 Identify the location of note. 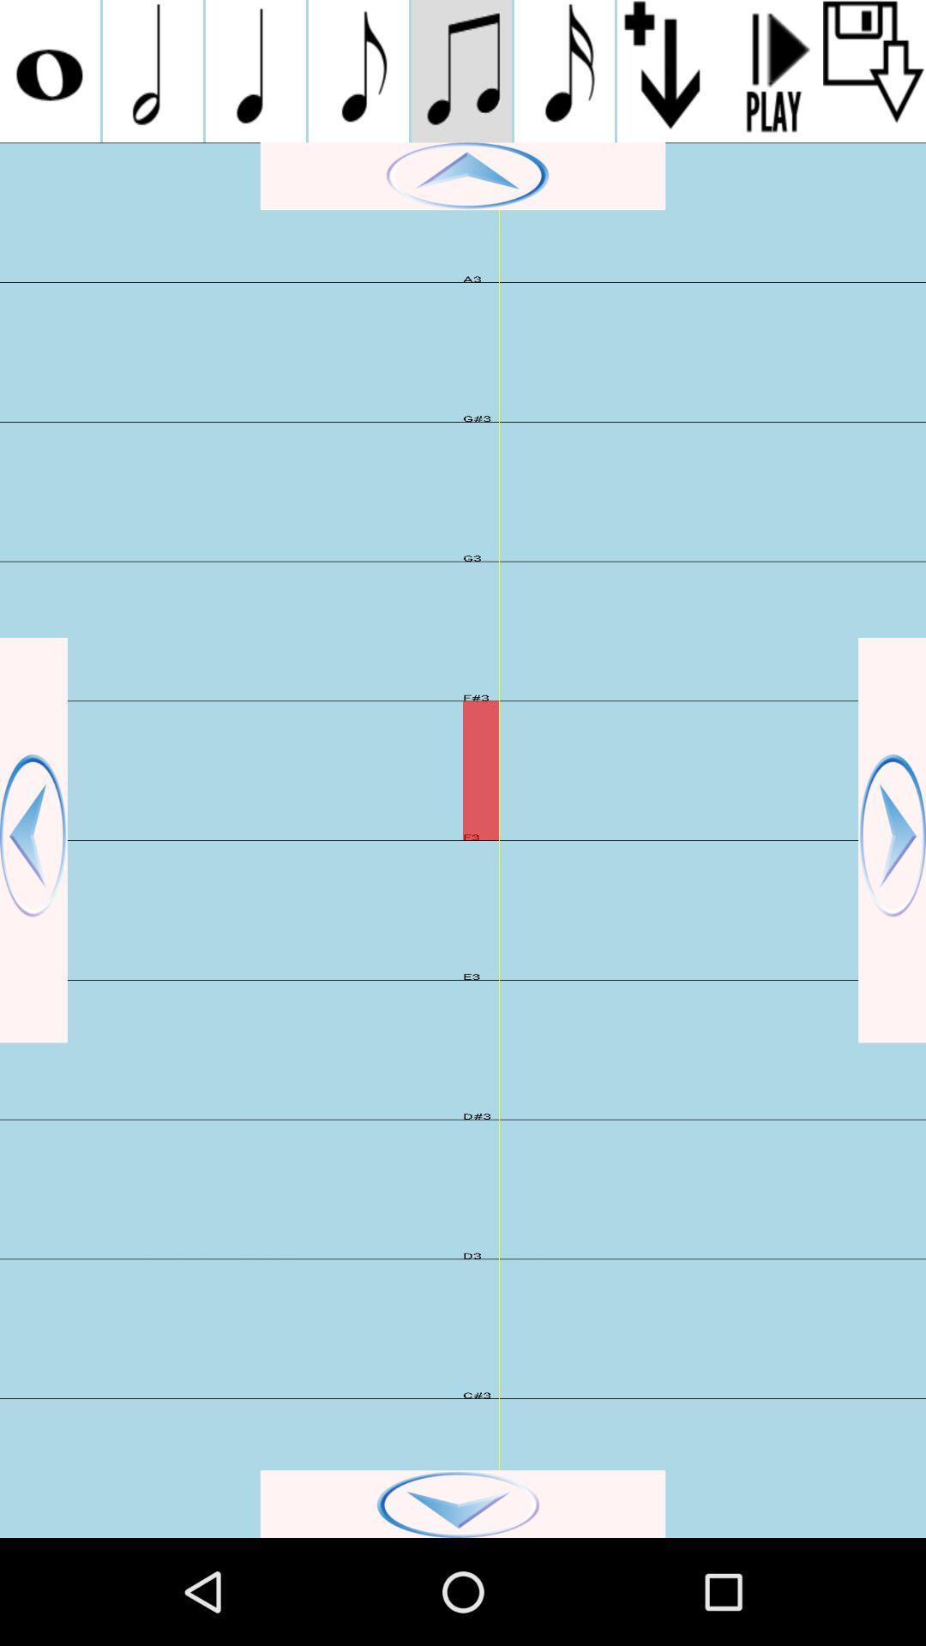
(564, 70).